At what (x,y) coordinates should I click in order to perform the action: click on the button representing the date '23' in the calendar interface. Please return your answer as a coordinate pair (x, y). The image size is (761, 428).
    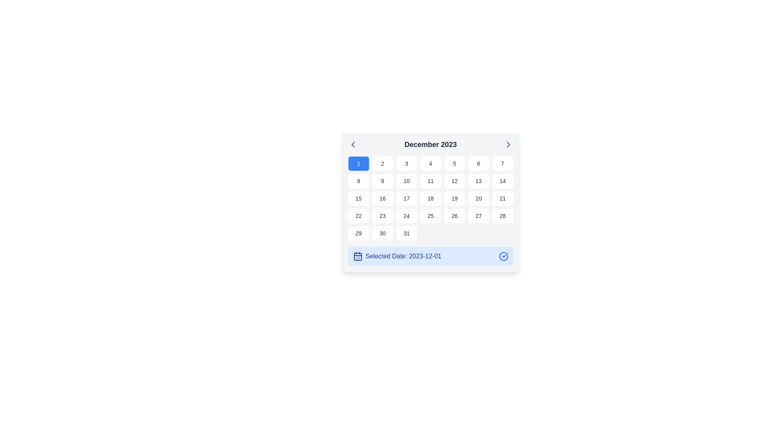
    Looking at the image, I should click on (382, 216).